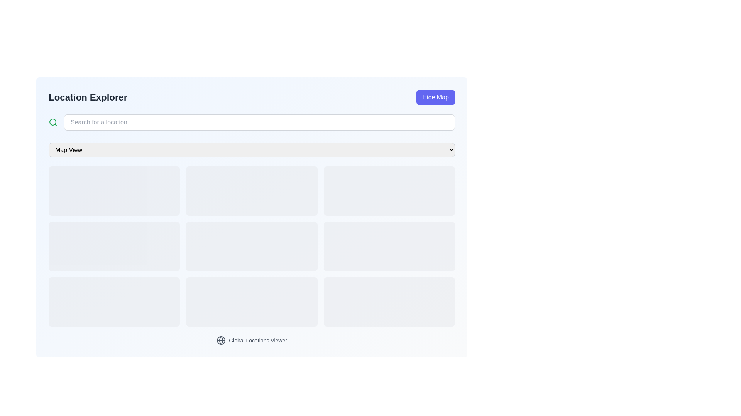 This screenshot has width=741, height=416. What do you see at coordinates (114, 301) in the screenshot?
I see `the Placeholder block, which is a rectangular gray block with rounded corners located in the bottom-left corner of a 3x3 grid layout, specifically the seventh element in the sequence` at bounding box center [114, 301].